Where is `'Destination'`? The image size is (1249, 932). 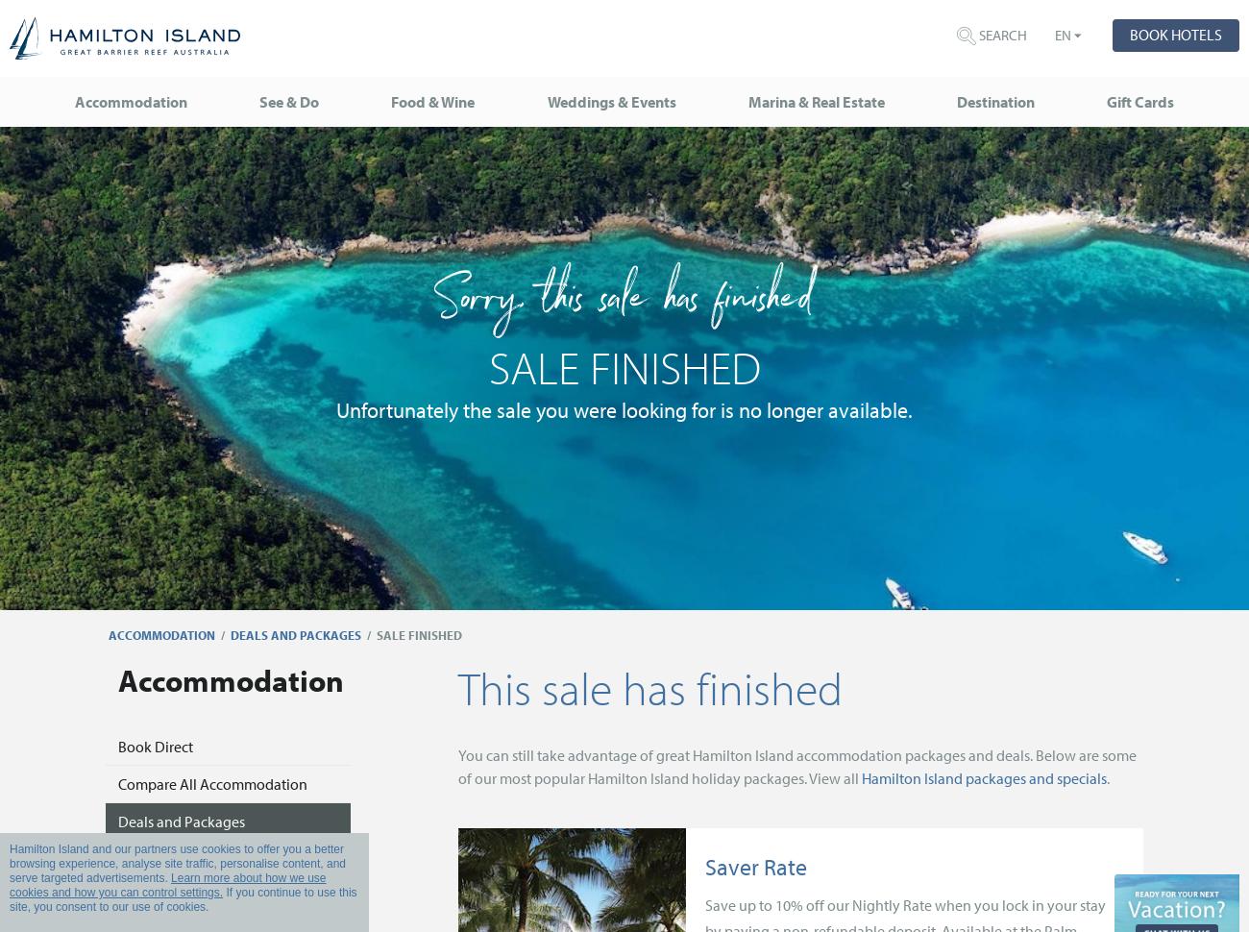 'Destination' is located at coordinates (994, 102).